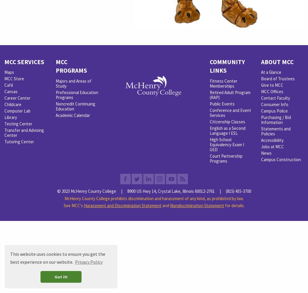  I want to click on '8900 US Hwy 14, Crystal Lake, Illinois 60012-2761', so click(170, 191).